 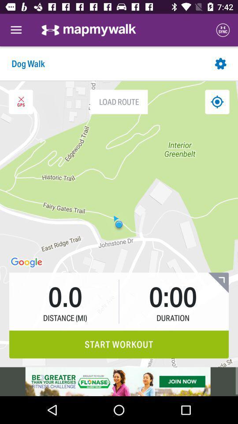 What do you see at coordinates (218, 282) in the screenshot?
I see `the bookmark icon` at bounding box center [218, 282].